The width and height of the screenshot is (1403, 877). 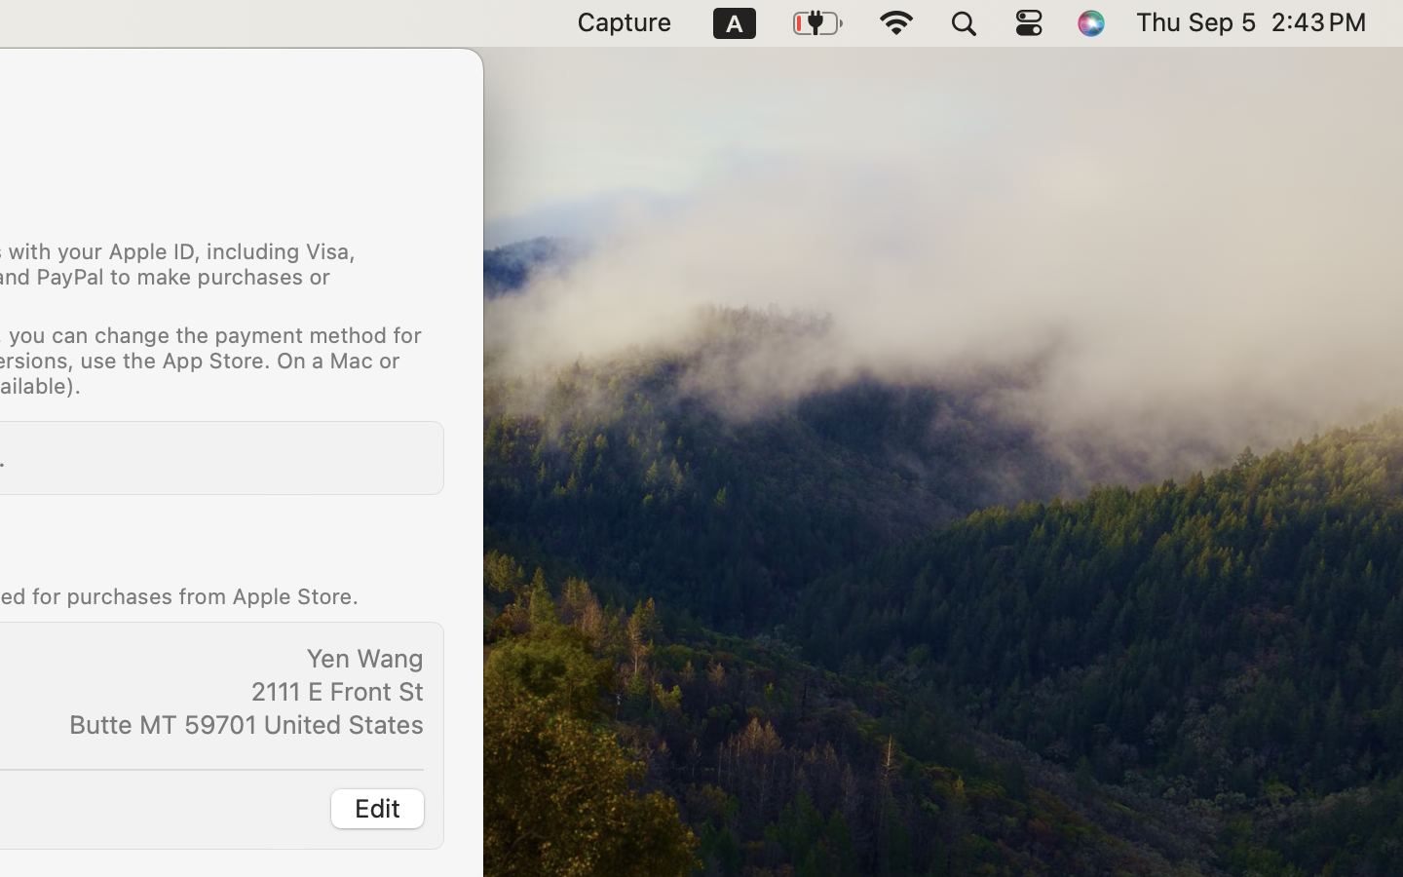 What do you see at coordinates (363, 658) in the screenshot?
I see `'Yen Wang'` at bounding box center [363, 658].